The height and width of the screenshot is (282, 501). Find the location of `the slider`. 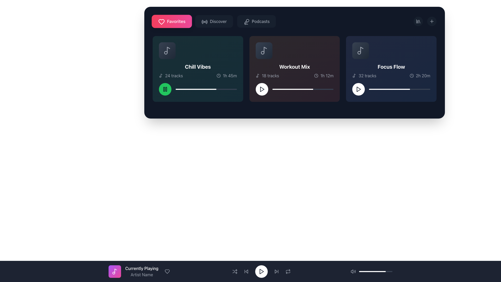

the slider is located at coordinates (233, 89).